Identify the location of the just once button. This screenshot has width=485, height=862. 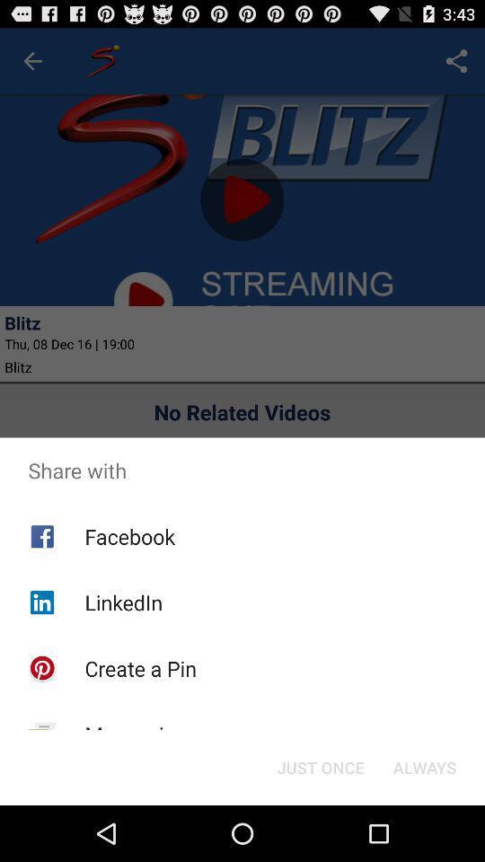
(320, 766).